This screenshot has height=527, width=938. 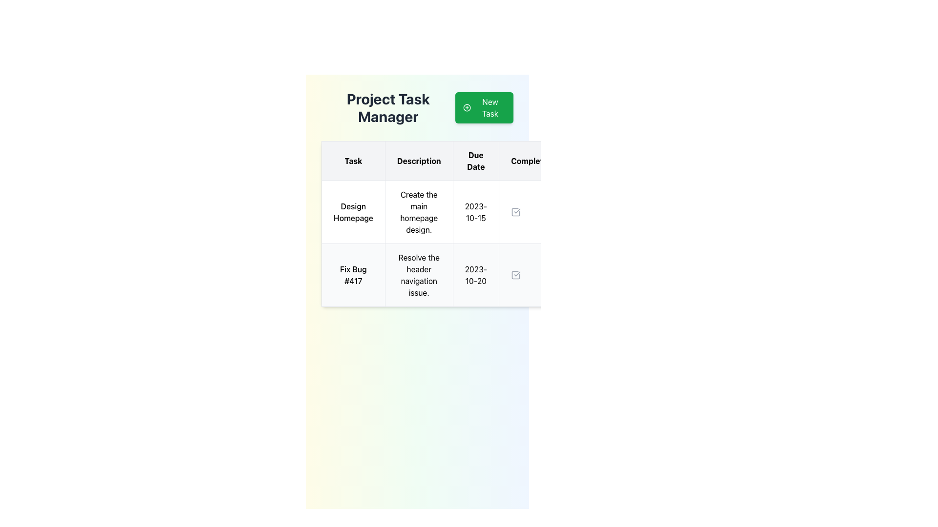 I want to click on the Table Header Cell labeled 'Description', which is the second cell in the header row of a five-column table, positioned between 'Task' and 'Due Date', with a light gray background and bold text, so click(x=419, y=161).